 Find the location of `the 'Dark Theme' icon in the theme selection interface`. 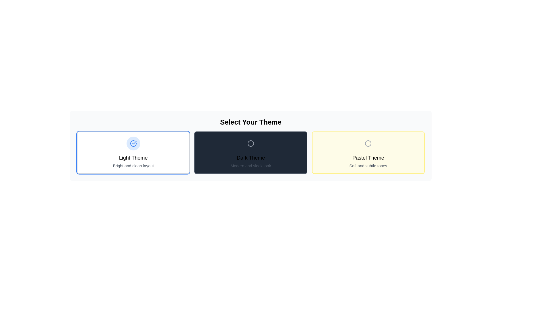

the 'Dark Theme' icon in the theme selection interface is located at coordinates (251, 143).